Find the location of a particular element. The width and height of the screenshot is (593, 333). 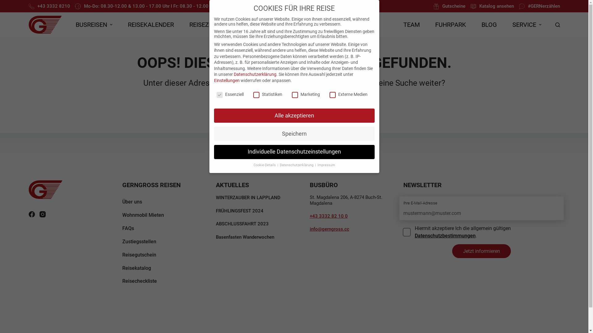

'Reisegutschein' is located at coordinates (122, 255).